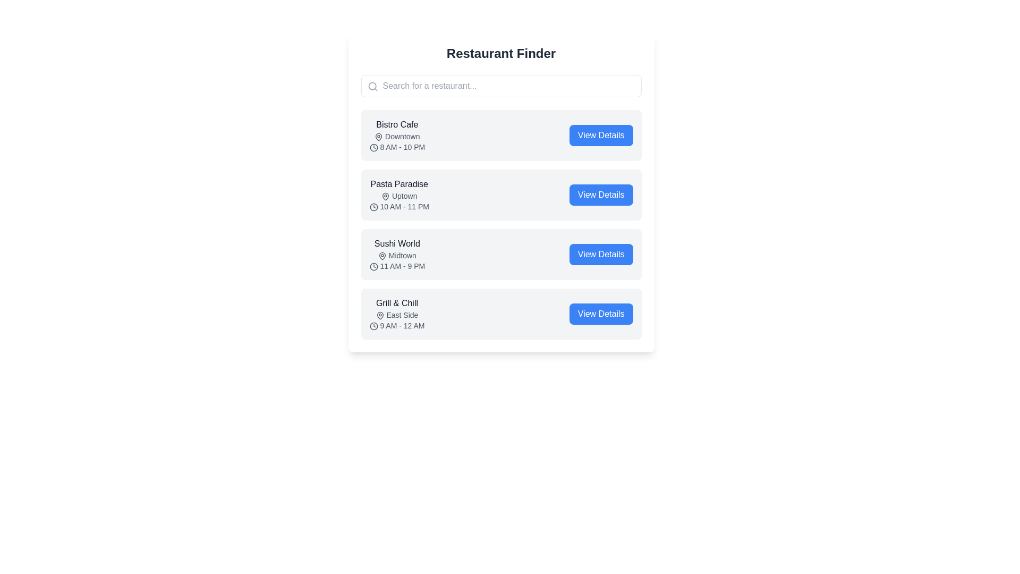 This screenshot has height=574, width=1020. What do you see at coordinates (398, 196) in the screenshot?
I see `text element indicating the location of the restaurant associated with 'Uptown', which appears in the second list item below 'Pasta Paradise'` at bounding box center [398, 196].